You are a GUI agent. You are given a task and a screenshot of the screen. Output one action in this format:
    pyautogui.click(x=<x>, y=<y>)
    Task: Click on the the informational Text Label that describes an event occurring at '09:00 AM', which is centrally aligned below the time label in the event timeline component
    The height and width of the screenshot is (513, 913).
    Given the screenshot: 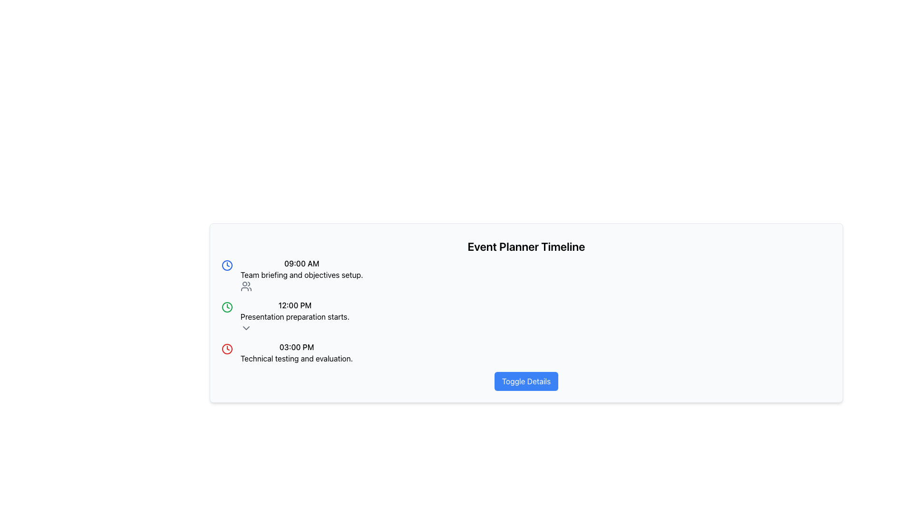 What is the action you would take?
    pyautogui.click(x=301, y=275)
    